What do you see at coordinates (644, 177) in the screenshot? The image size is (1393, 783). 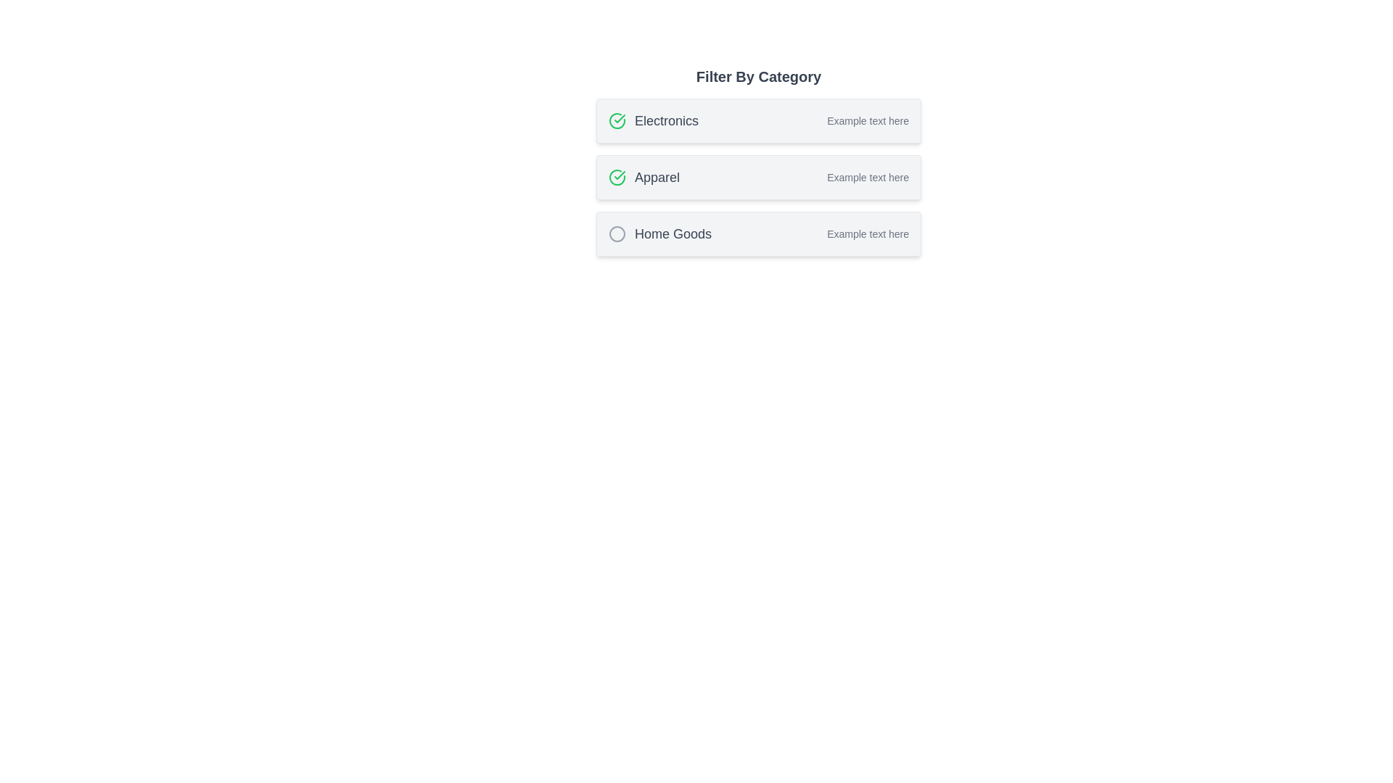 I see `the 'Apparel' text label, which is styled with a medium font size and gray color, located below 'Electronics' and above 'Home Goods' in a vertically stacked list of categories` at bounding box center [644, 177].